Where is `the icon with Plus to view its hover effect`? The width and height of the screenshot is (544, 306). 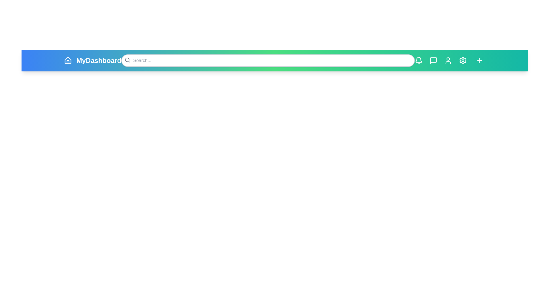
the icon with Plus to view its hover effect is located at coordinates (479, 60).